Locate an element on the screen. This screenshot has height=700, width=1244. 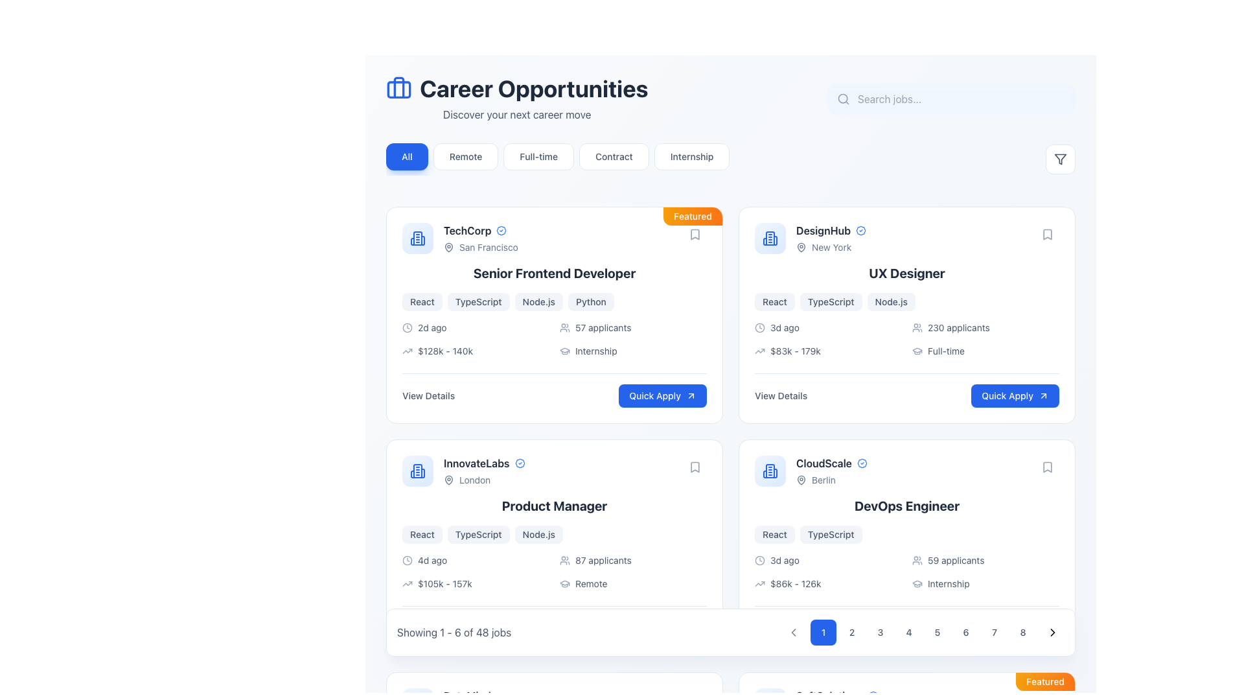
the bookmark button located in the top right corner of the 'DesignHub' job card is located at coordinates (1048, 235).